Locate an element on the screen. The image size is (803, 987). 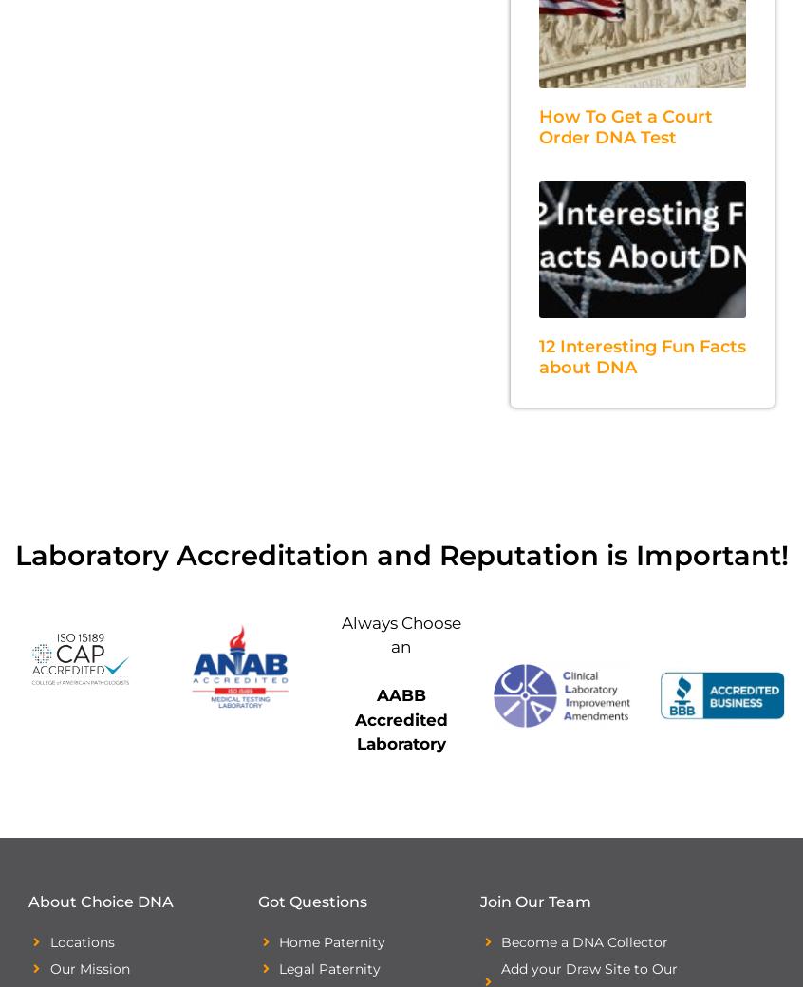
'Laboratory' is located at coordinates (356, 742).